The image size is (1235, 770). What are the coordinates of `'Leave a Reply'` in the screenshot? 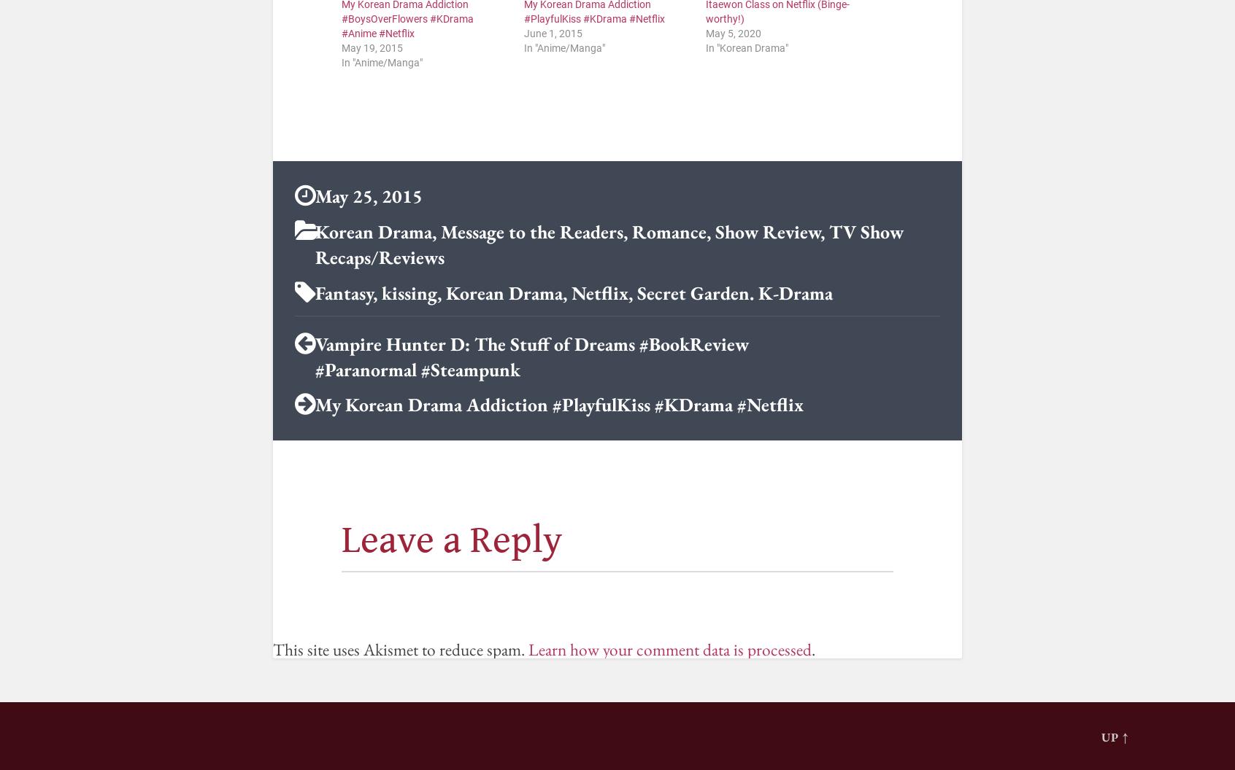 It's located at (450, 539).